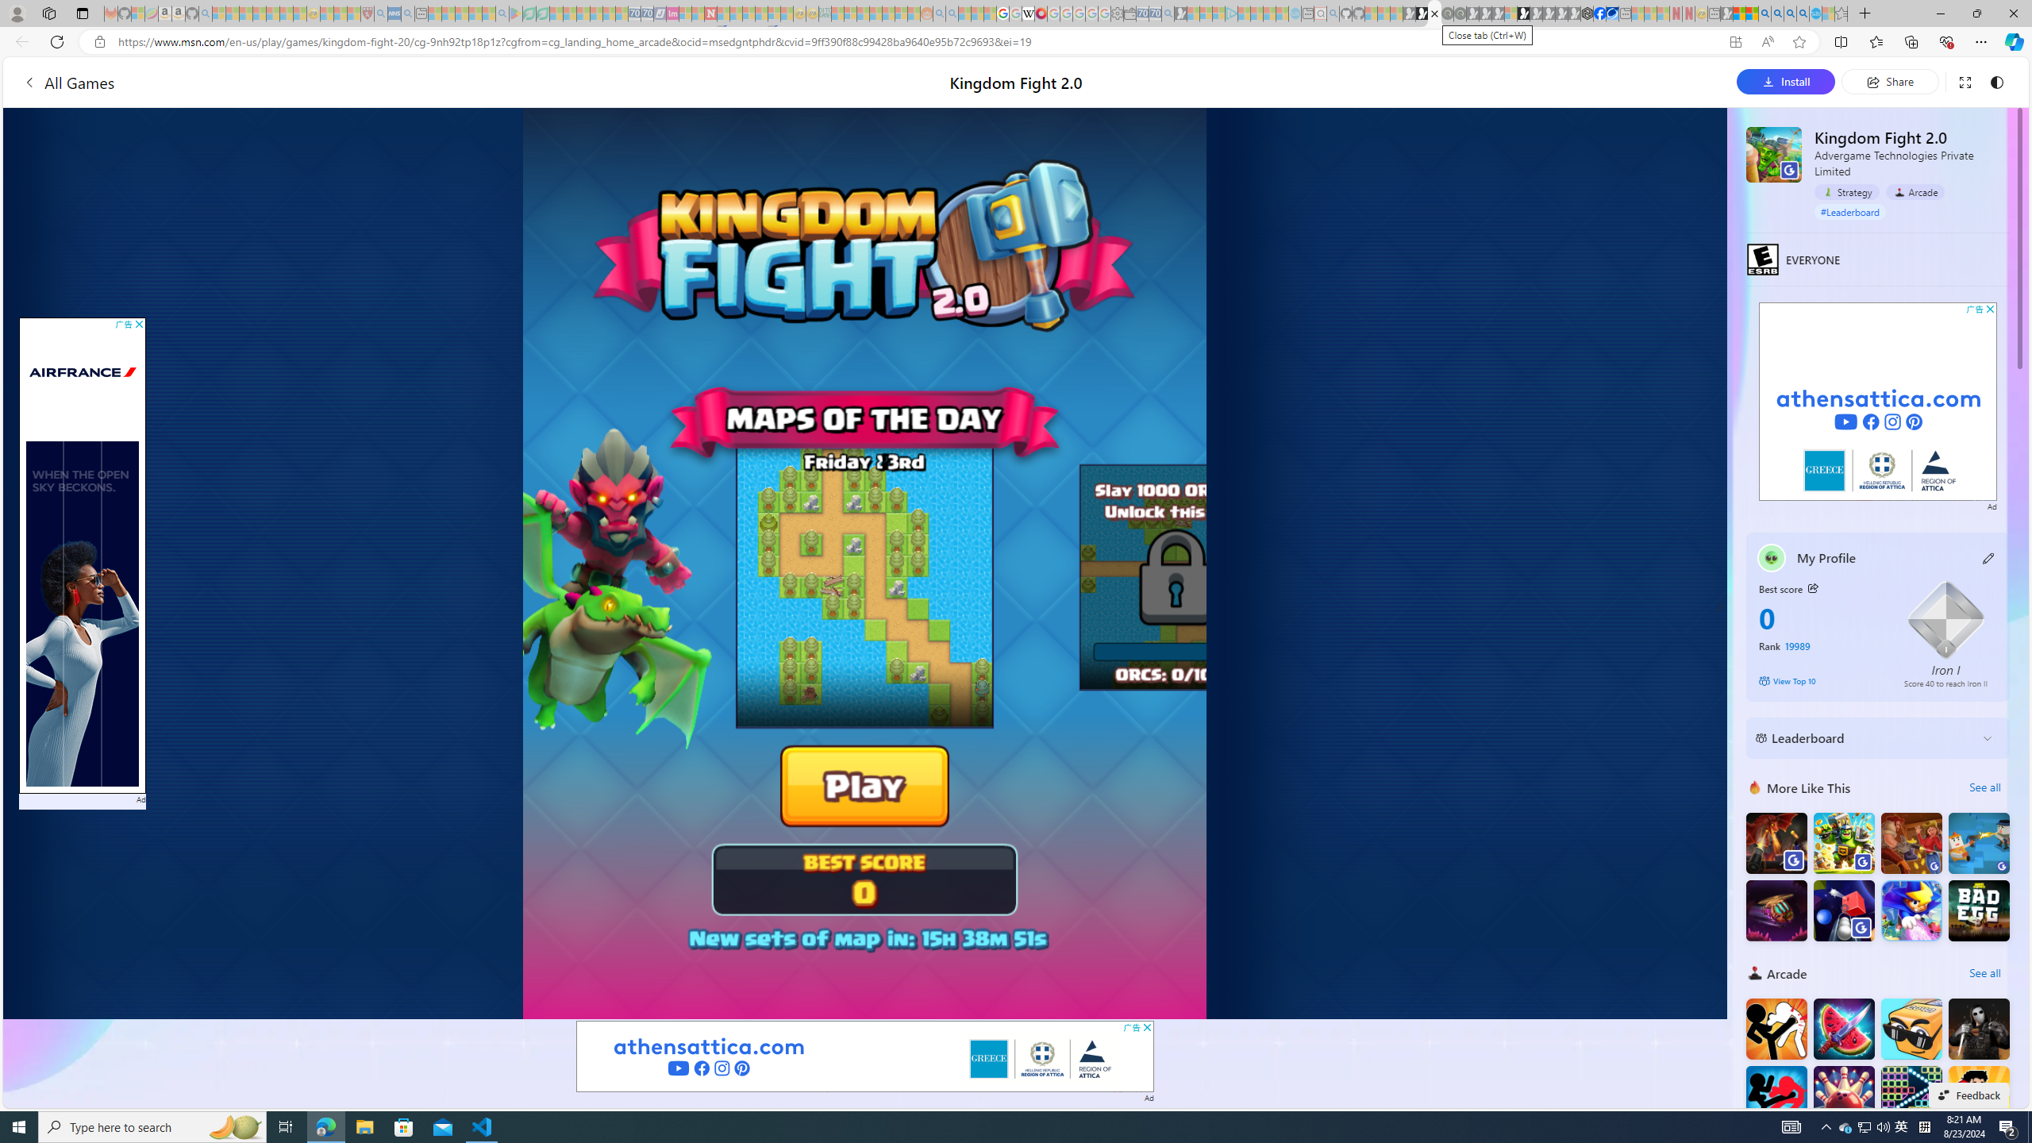  Describe the element at coordinates (1116, 13) in the screenshot. I see `'Settings - Sleeping'` at that location.